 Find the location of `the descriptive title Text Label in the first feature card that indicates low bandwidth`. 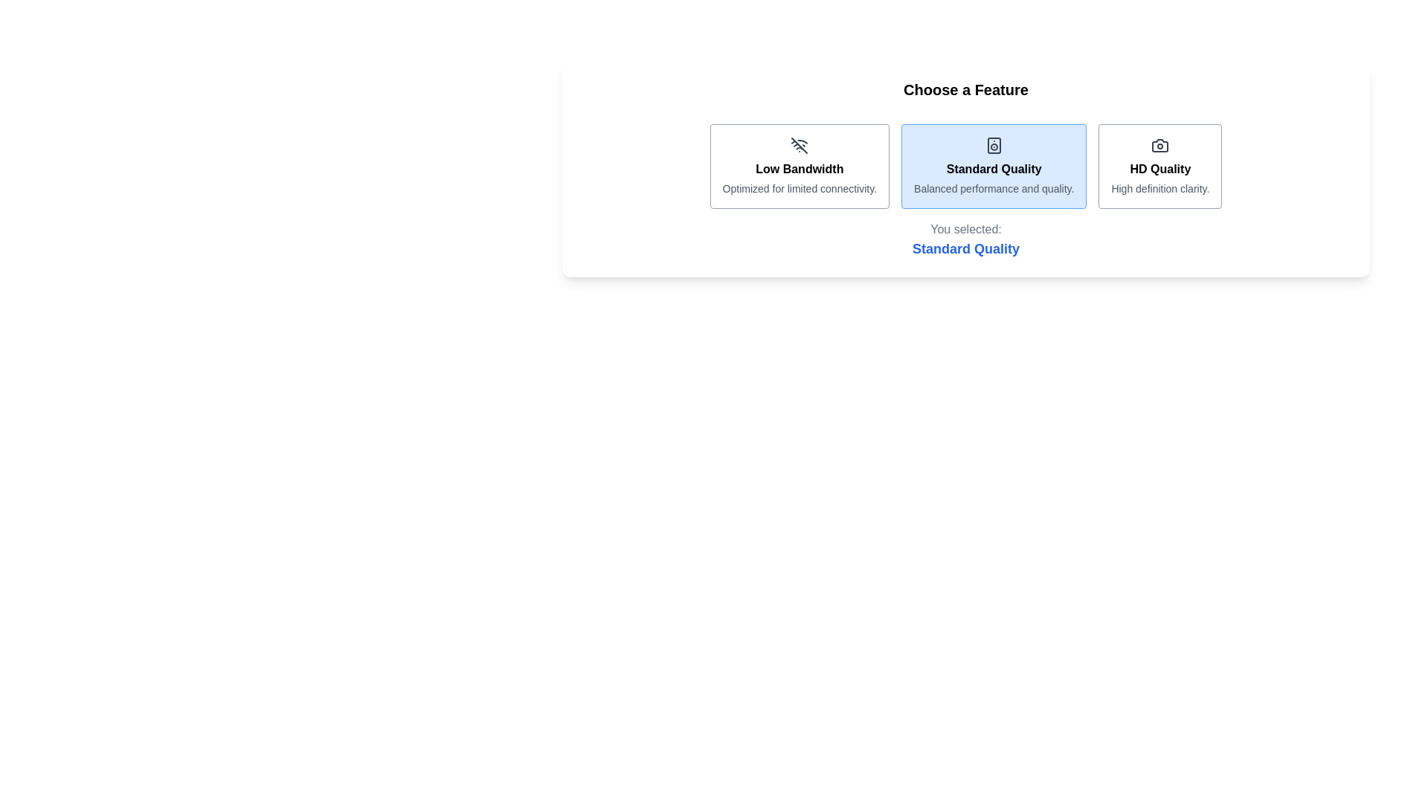

the descriptive title Text Label in the first feature card that indicates low bandwidth is located at coordinates (799, 168).